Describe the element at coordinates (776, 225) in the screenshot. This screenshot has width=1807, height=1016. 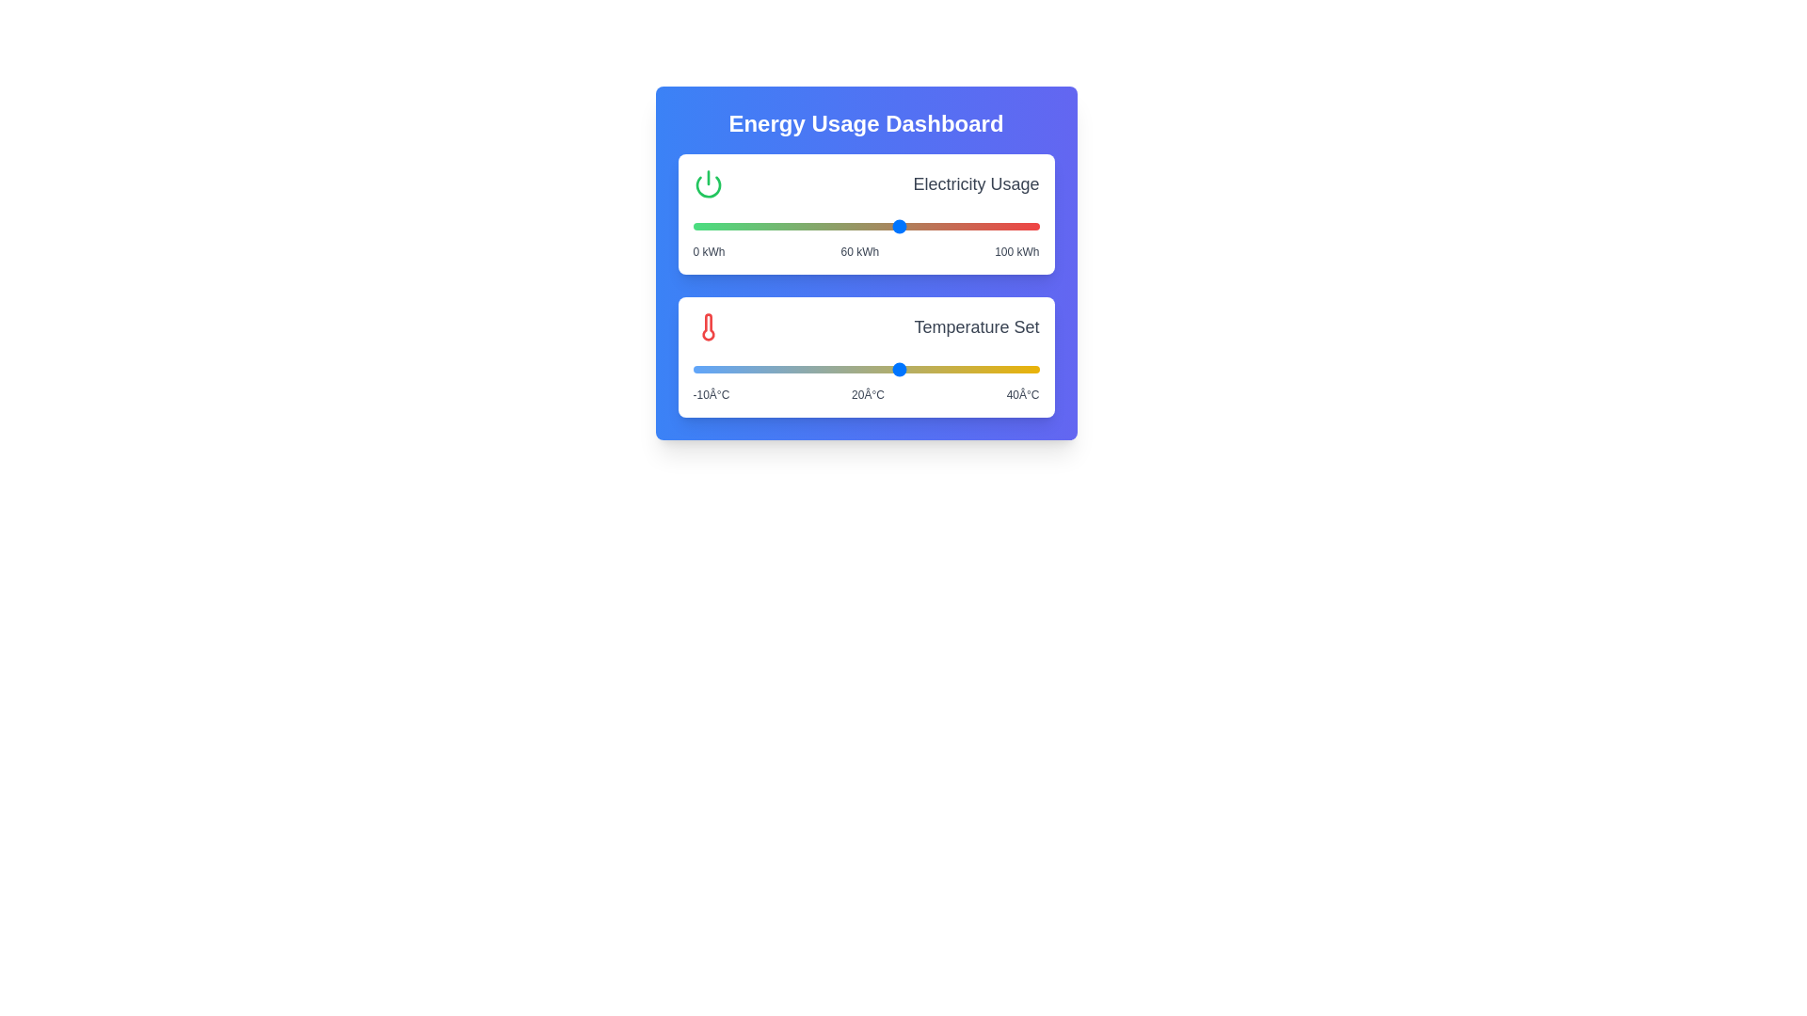
I see `the electricity usage slider to 24 kWh` at that location.